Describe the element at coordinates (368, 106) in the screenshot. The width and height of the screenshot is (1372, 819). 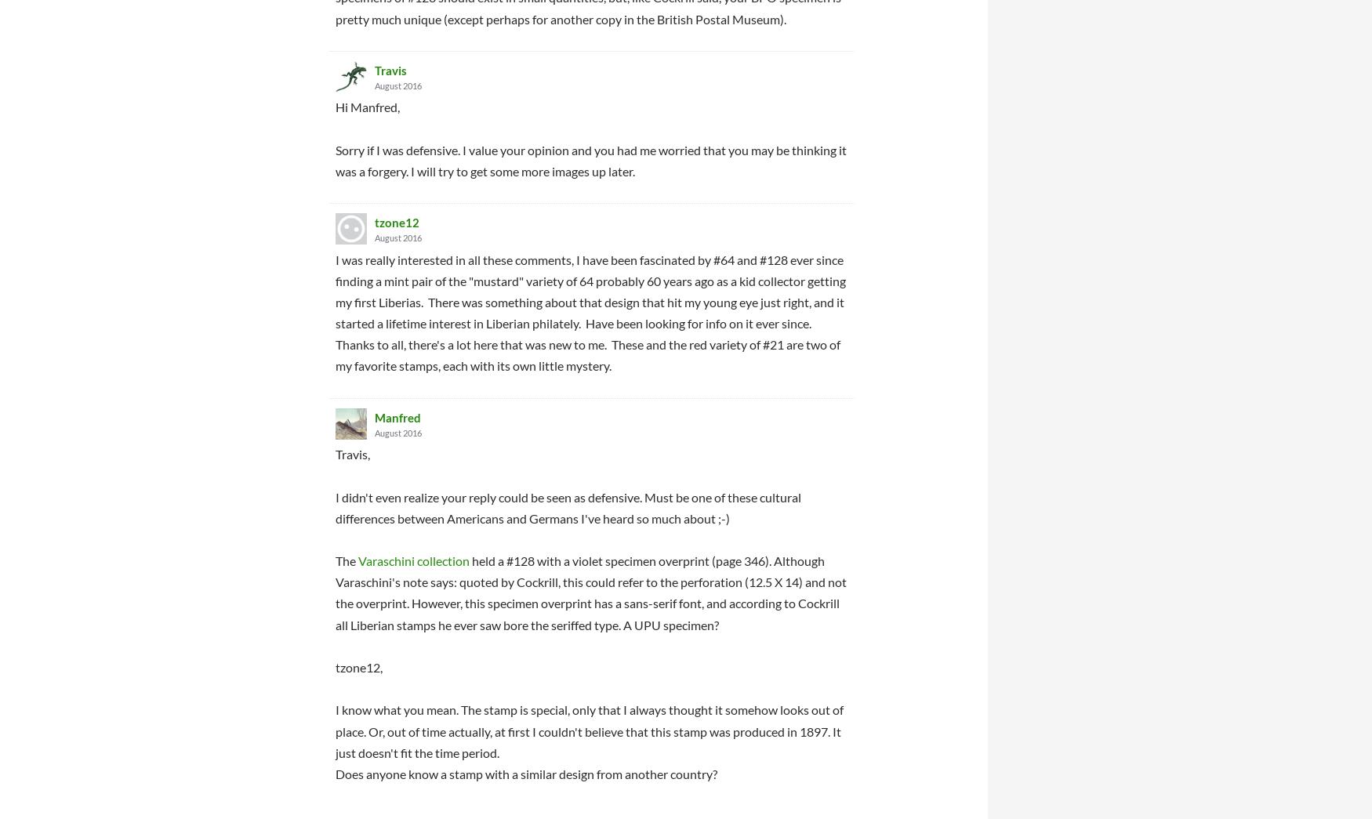
I see `'Hi Manfred,'` at that location.